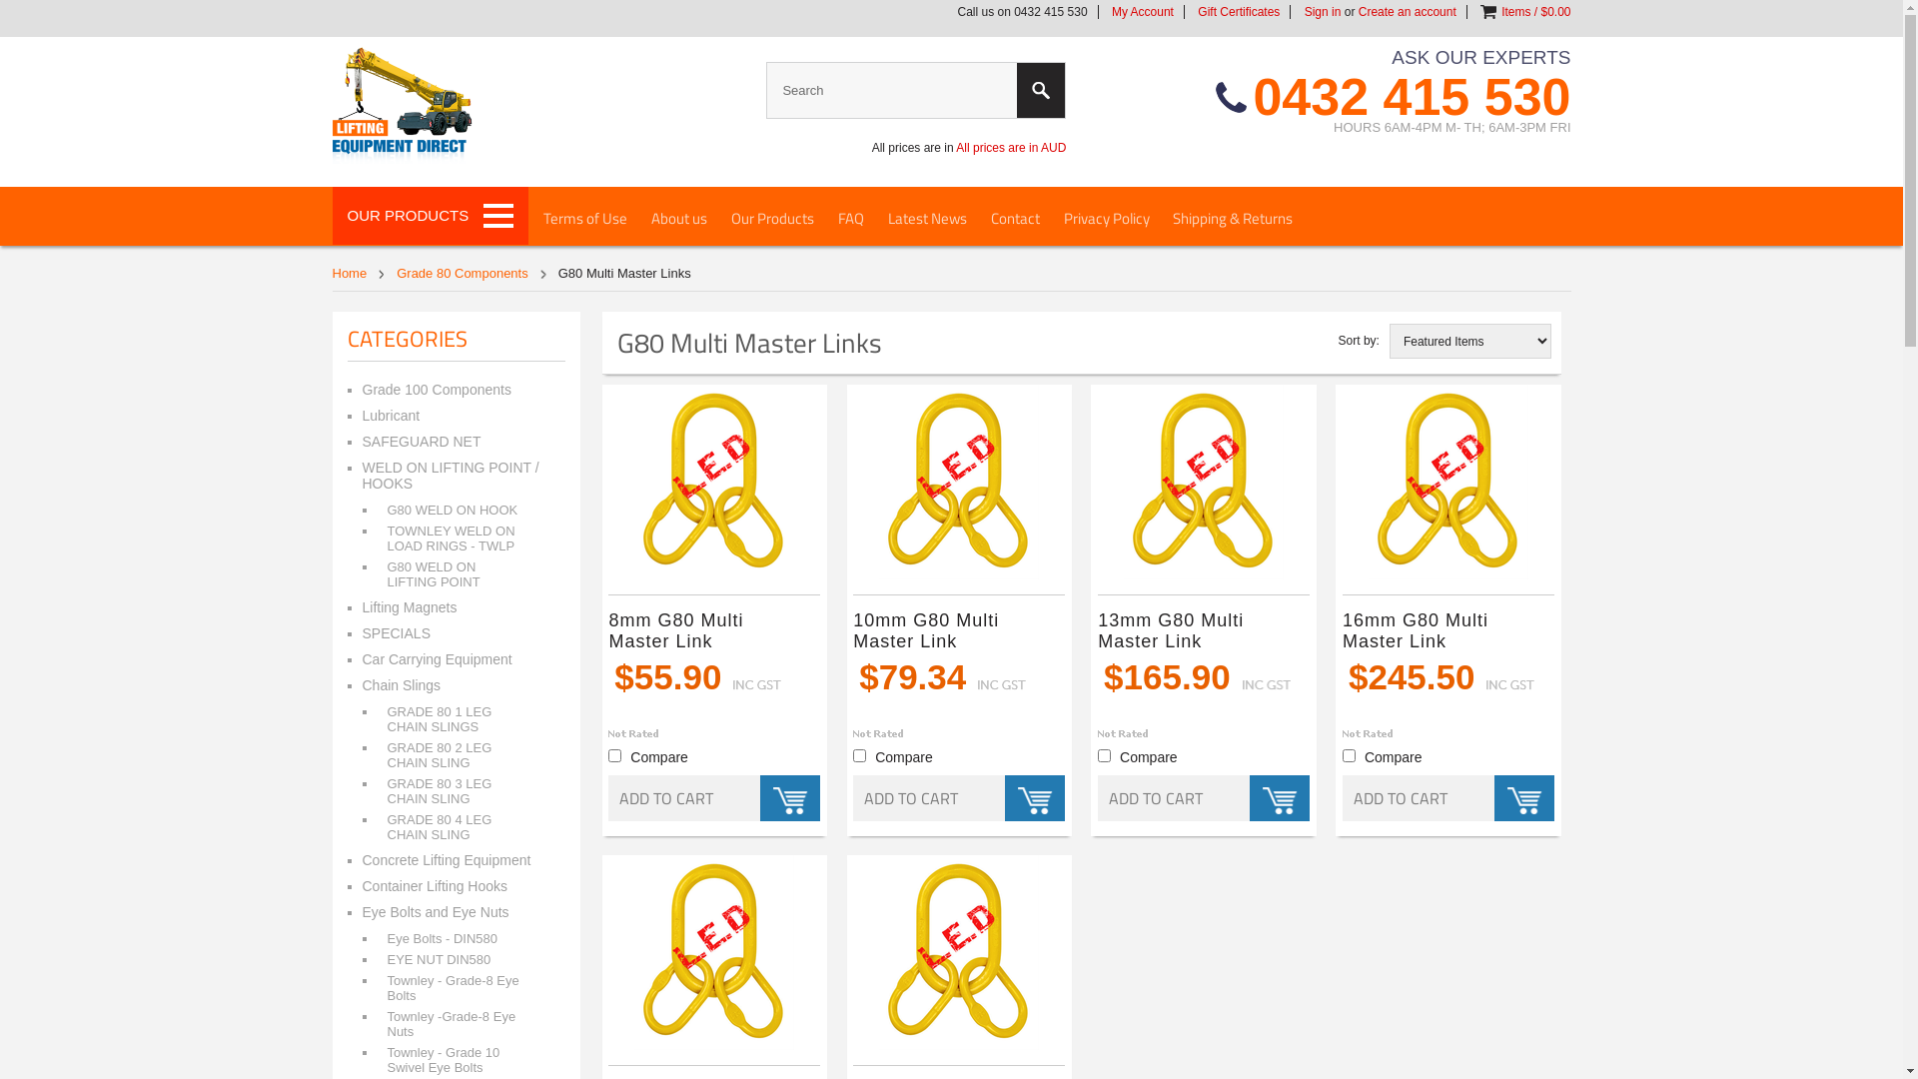 The width and height of the screenshot is (1918, 1079). Describe the element at coordinates (456, 986) in the screenshot. I see `'Townley - Grade-8 Eye Bolts'` at that location.